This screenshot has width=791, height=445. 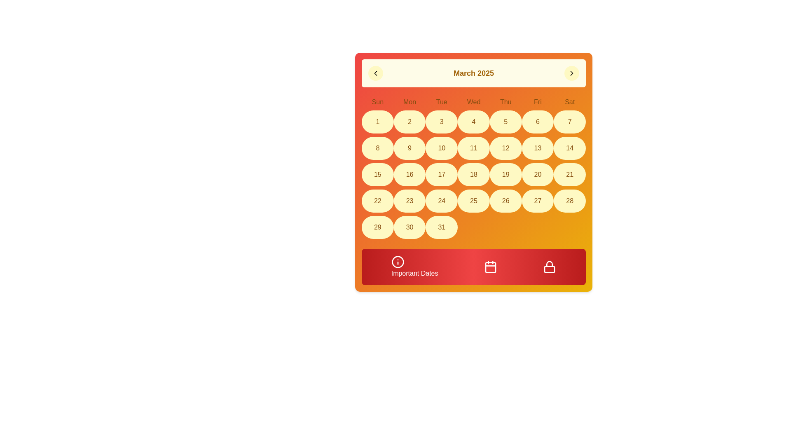 What do you see at coordinates (569, 122) in the screenshot?
I see `the yellow circular button with the number '7' in its center, located in the calendar grid at 'Saturday, March 7'` at bounding box center [569, 122].